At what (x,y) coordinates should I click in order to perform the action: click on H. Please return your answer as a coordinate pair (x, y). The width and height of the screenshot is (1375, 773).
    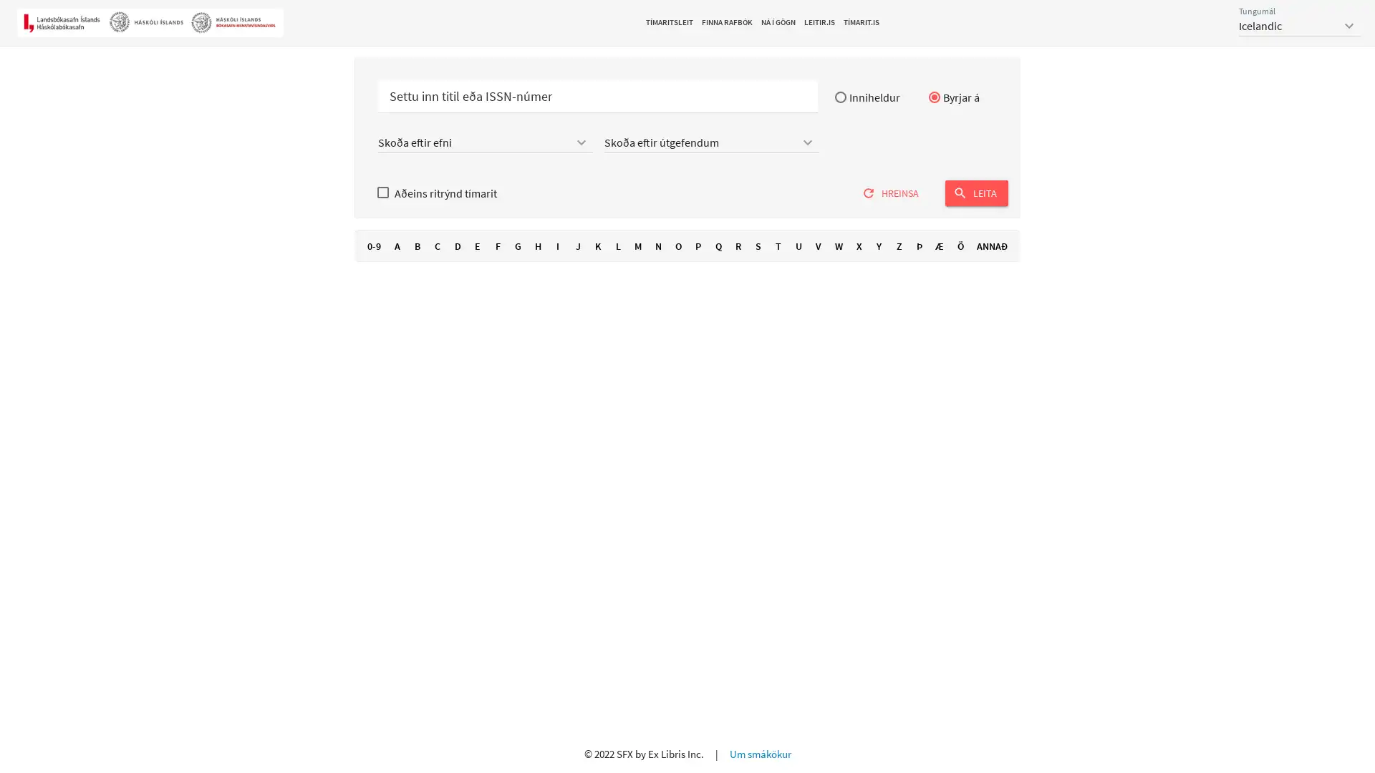
    Looking at the image, I should click on (536, 245).